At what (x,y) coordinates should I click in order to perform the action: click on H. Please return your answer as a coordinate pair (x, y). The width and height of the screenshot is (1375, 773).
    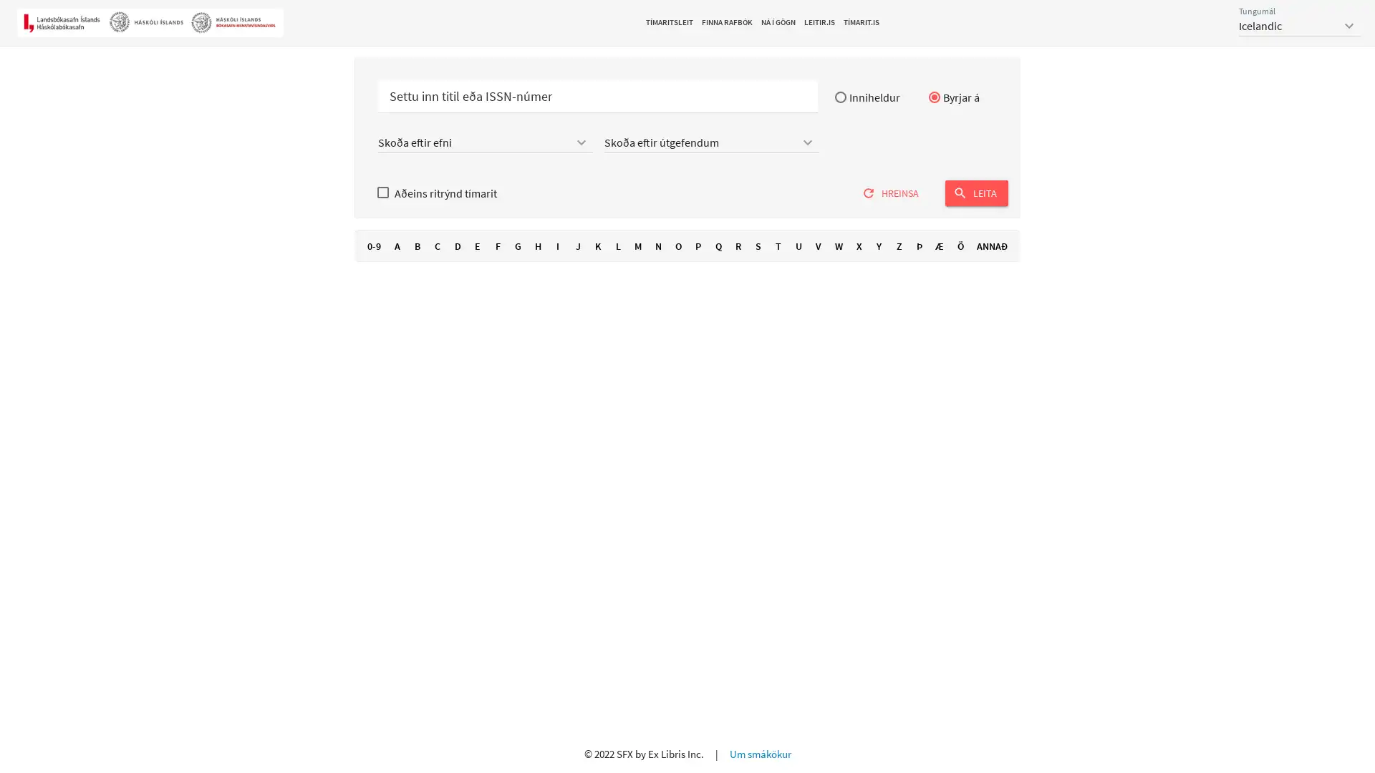
    Looking at the image, I should click on (536, 245).